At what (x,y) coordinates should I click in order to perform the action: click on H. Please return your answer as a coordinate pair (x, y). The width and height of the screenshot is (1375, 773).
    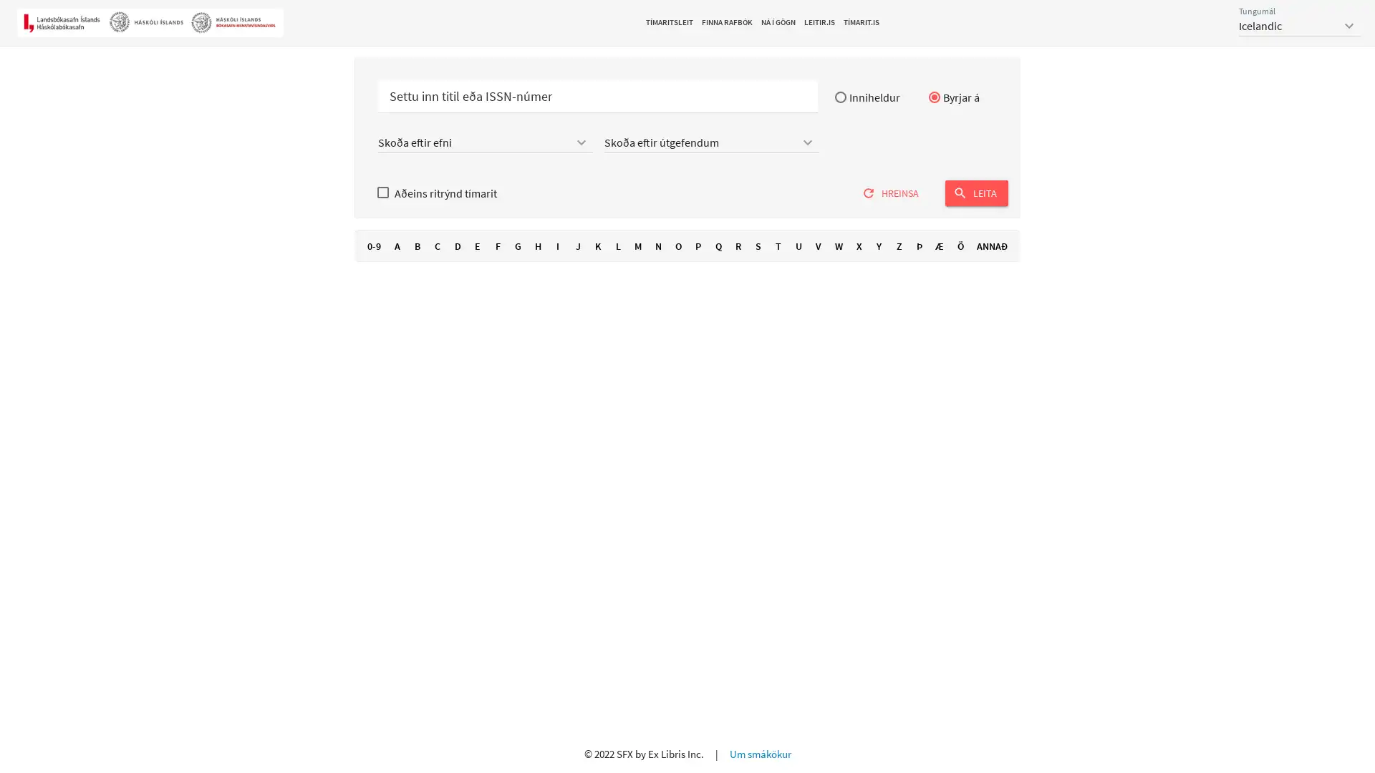
    Looking at the image, I should click on (536, 245).